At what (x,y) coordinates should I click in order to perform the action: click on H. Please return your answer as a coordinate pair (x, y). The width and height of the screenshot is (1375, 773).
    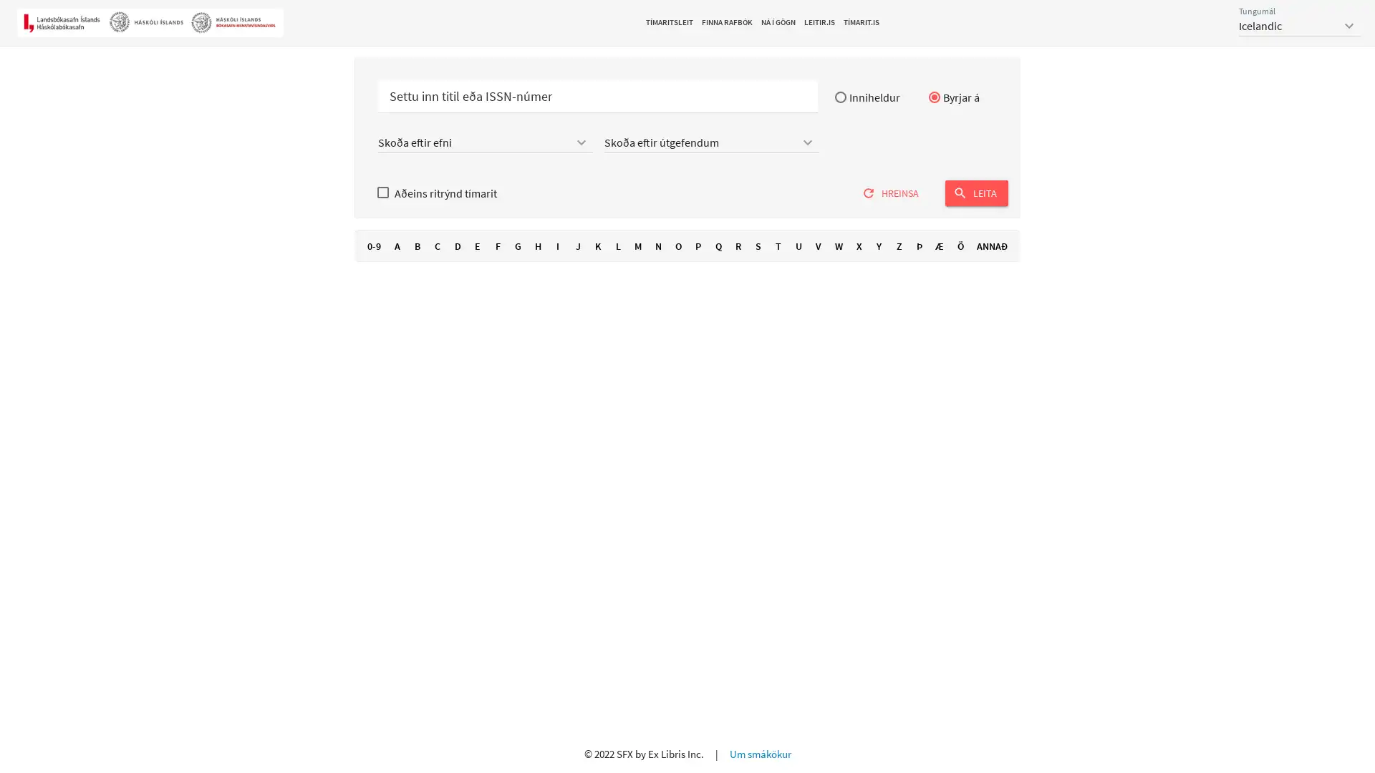
    Looking at the image, I should click on (536, 245).